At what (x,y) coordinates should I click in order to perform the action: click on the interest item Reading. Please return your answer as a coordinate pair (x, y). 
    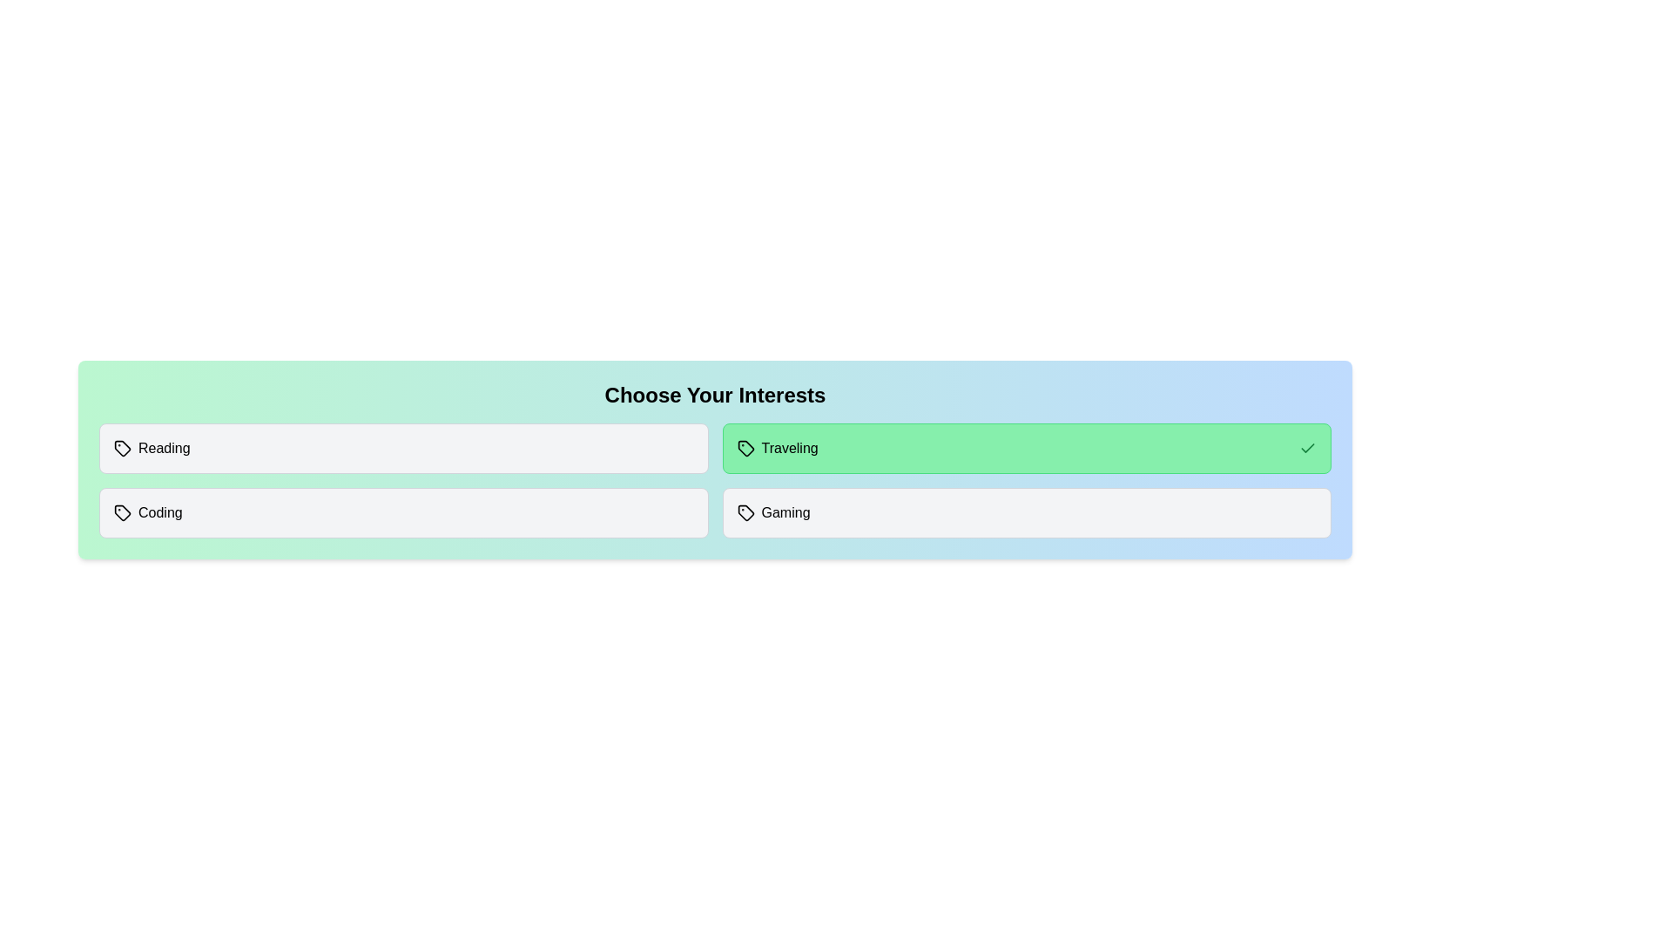
    Looking at the image, I should click on (402, 448).